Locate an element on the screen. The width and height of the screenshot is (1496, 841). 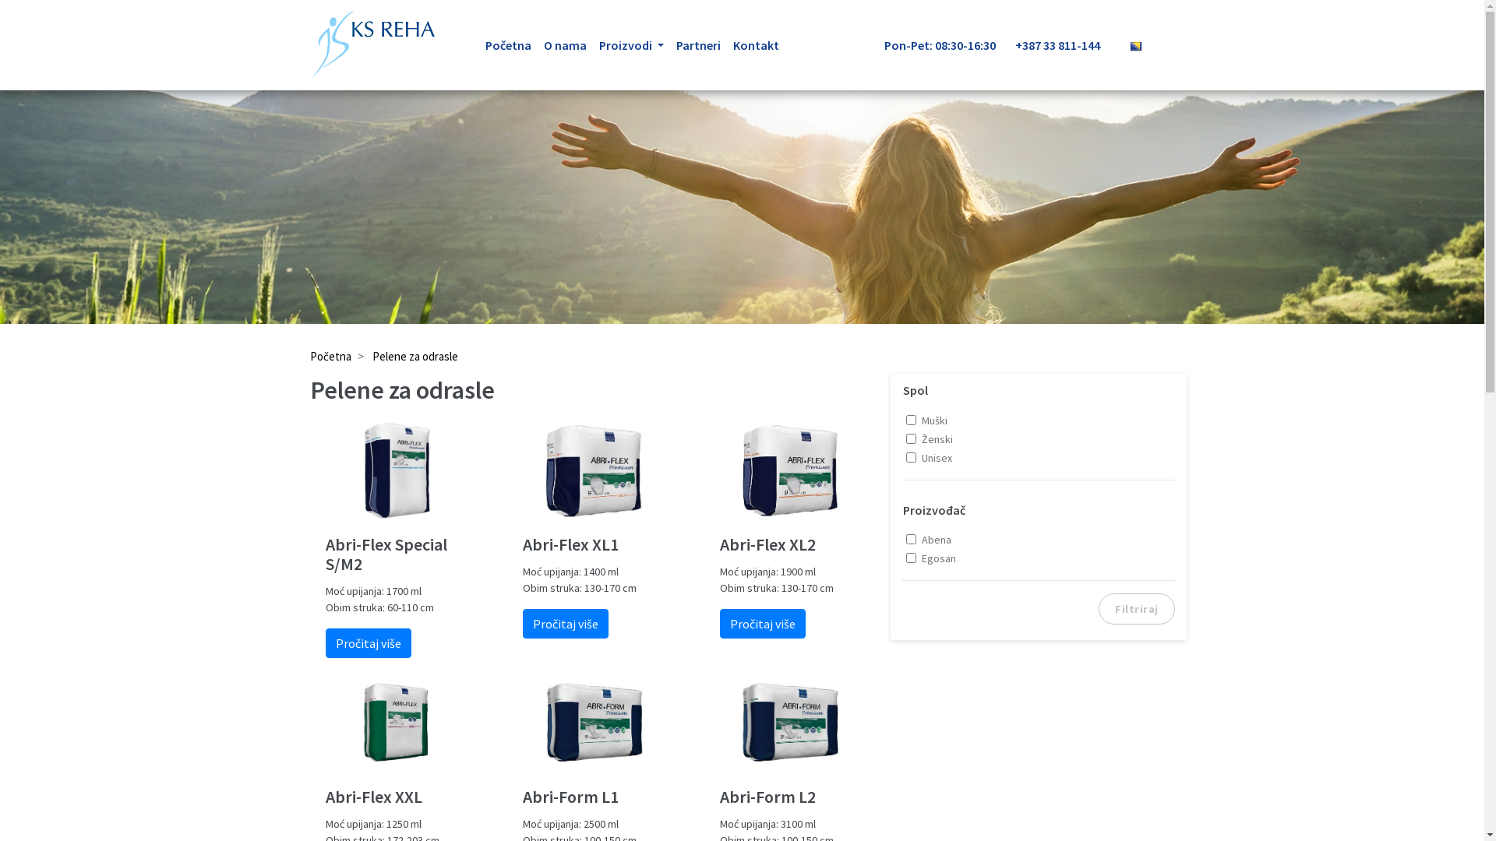
'Pelene za odrasle' is located at coordinates (415, 356).